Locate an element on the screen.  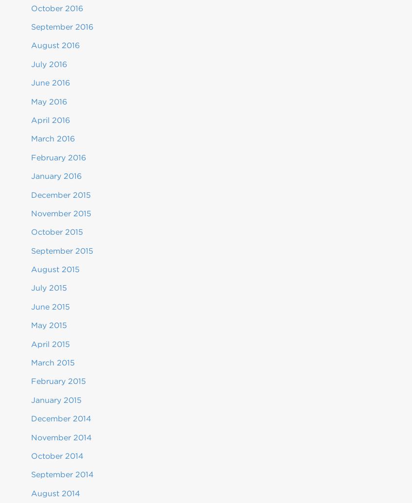
'March 2016' is located at coordinates (52, 139).